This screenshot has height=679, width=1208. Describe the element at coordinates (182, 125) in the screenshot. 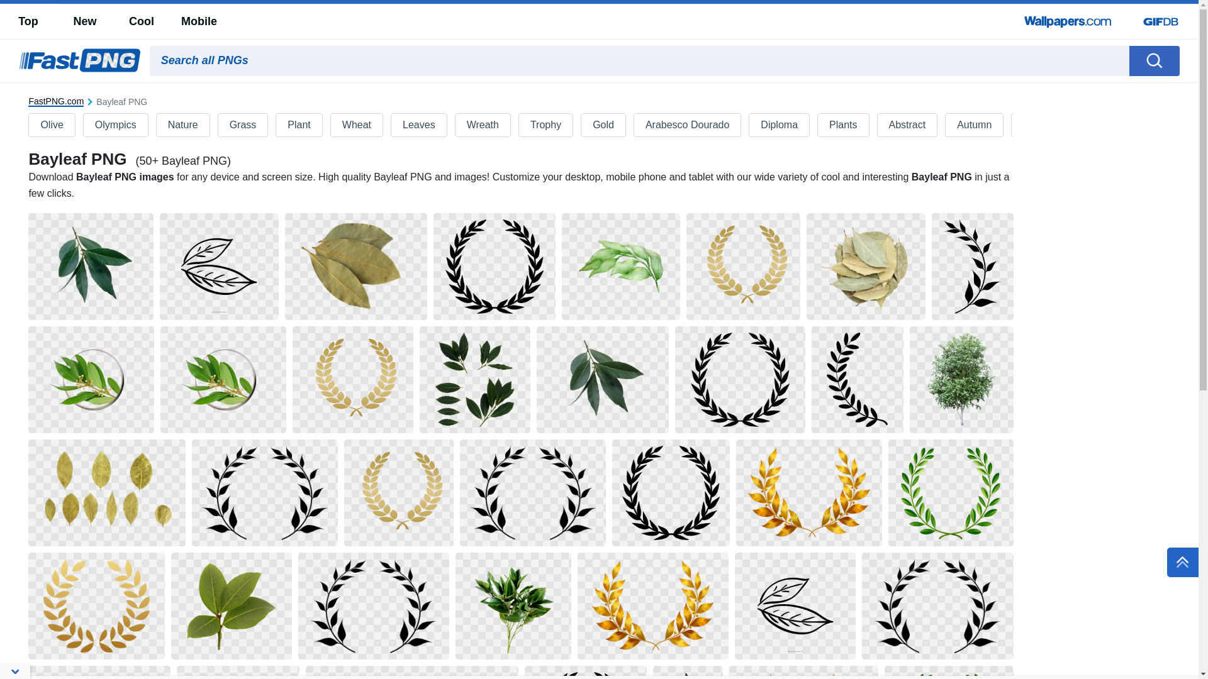

I see `'Nature'` at that location.